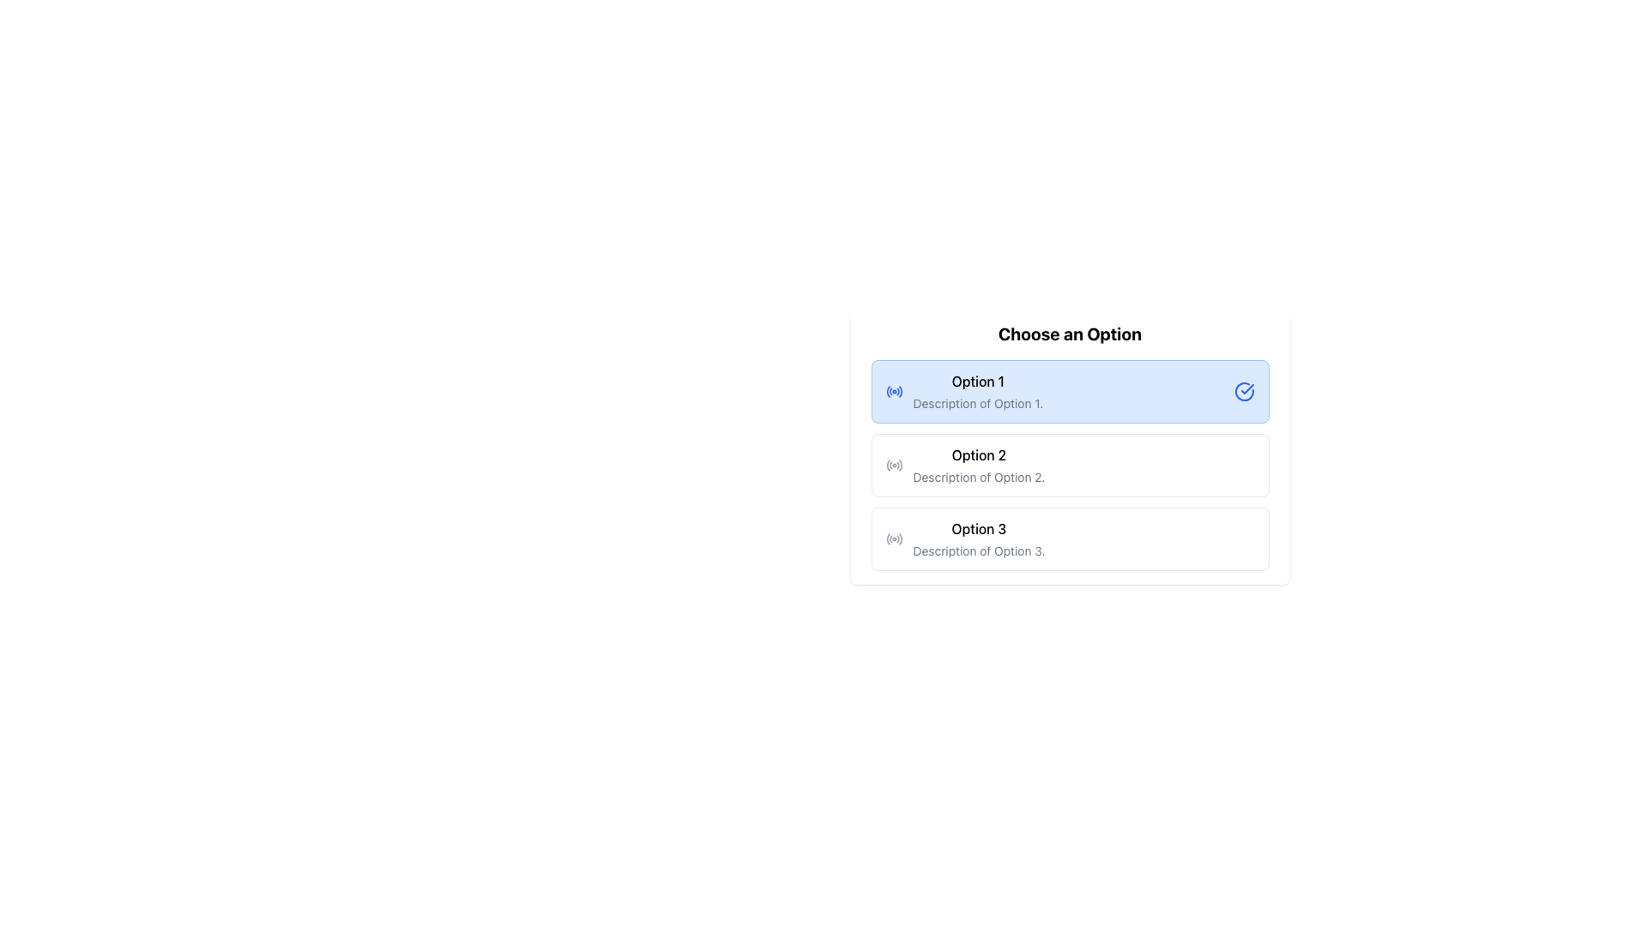 The width and height of the screenshot is (1647, 926). What do you see at coordinates (1069, 466) in the screenshot?
I see `the second option labeled 'Option 2' in the RadioButton Group located beneath the title 'Choose an Option'` at bounding box center [1069, 466].